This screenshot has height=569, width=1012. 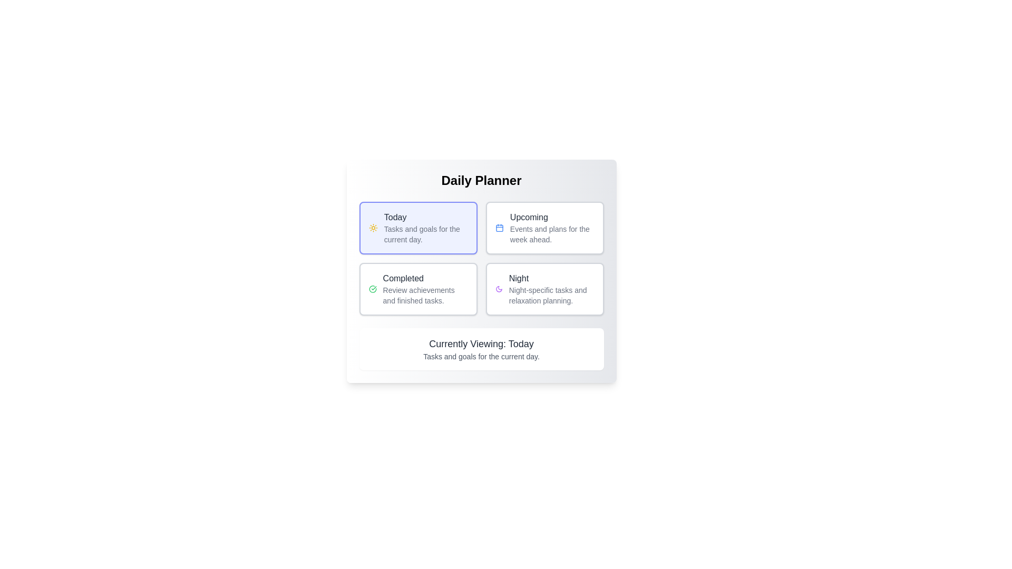 What do you see at coordinates (425, 295) in the screenshot?
I see `the descriptive text label located directly below the 'Completed' header in the bottom-left section of the main grid layout` at bounding box center [425, 295].